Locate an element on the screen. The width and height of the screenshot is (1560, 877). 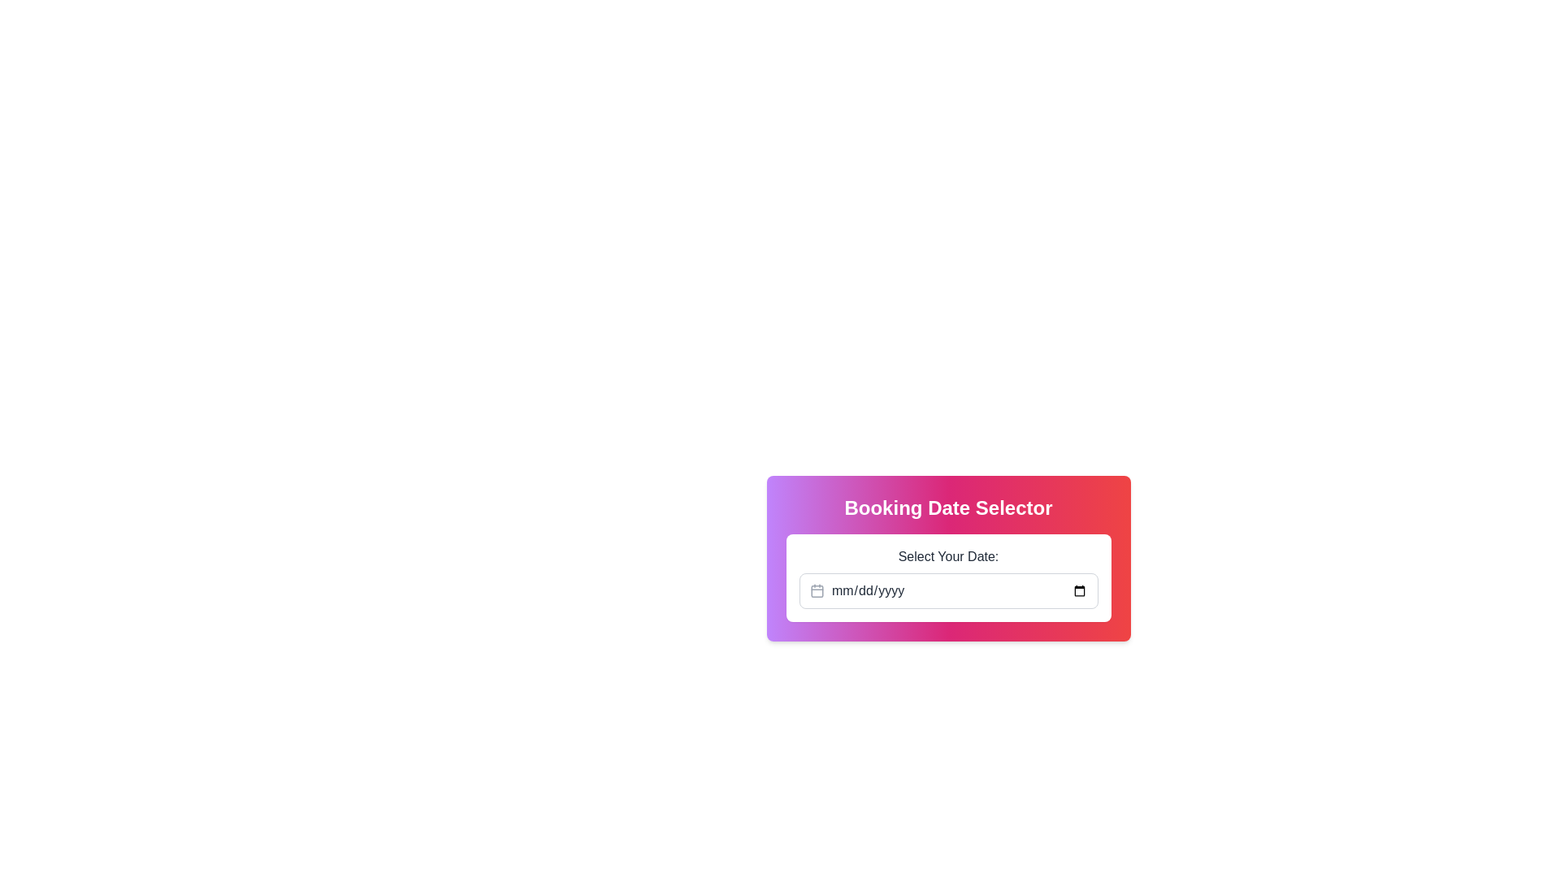
text from the bold title labeled 'Booking Date Selector' that is centered at the top of the panel is located at coordinates (948, 507).